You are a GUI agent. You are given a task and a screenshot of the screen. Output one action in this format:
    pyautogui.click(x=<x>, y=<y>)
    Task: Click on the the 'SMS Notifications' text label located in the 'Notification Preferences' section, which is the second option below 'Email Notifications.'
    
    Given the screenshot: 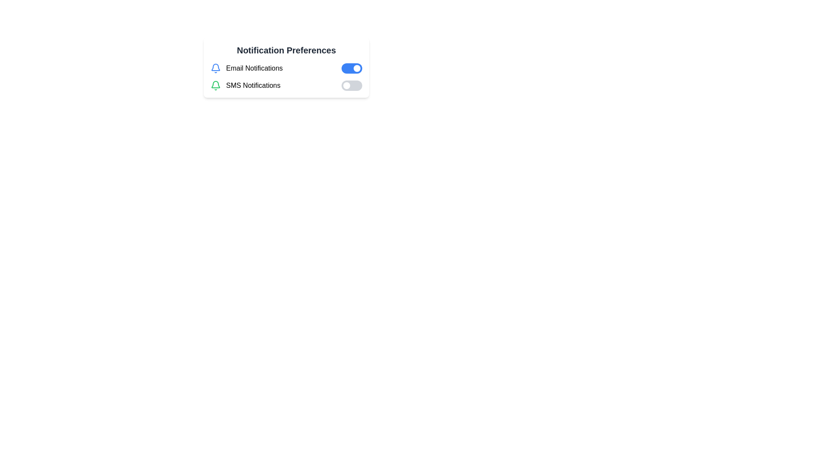 What is the action you would take?
    pyautogui.click(x=245, y=86)
    